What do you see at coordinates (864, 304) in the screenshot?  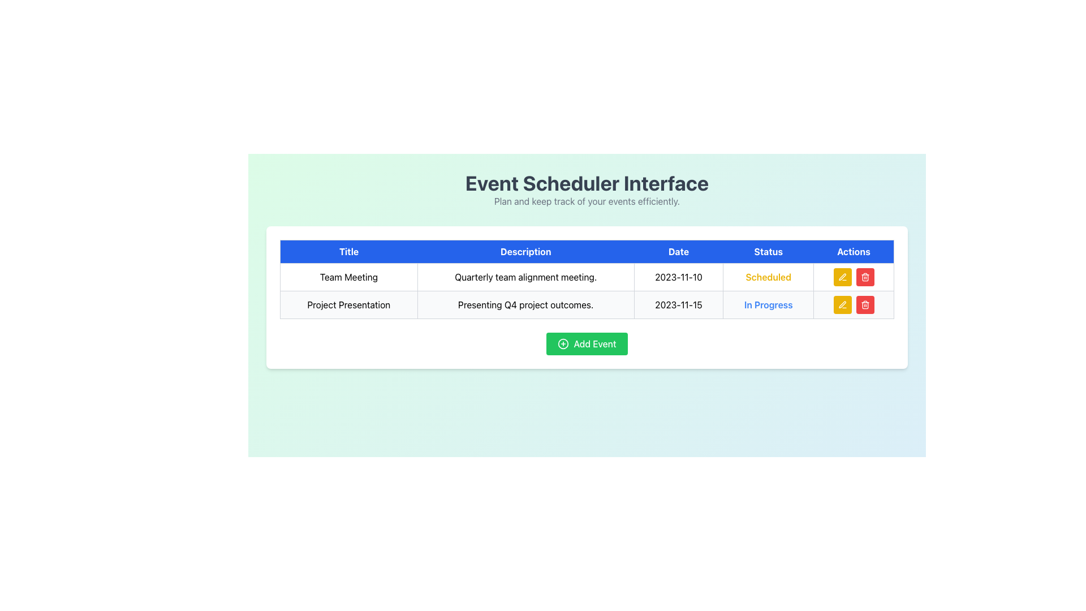 I see `the red trash can button` at bounding box center [864, 304].